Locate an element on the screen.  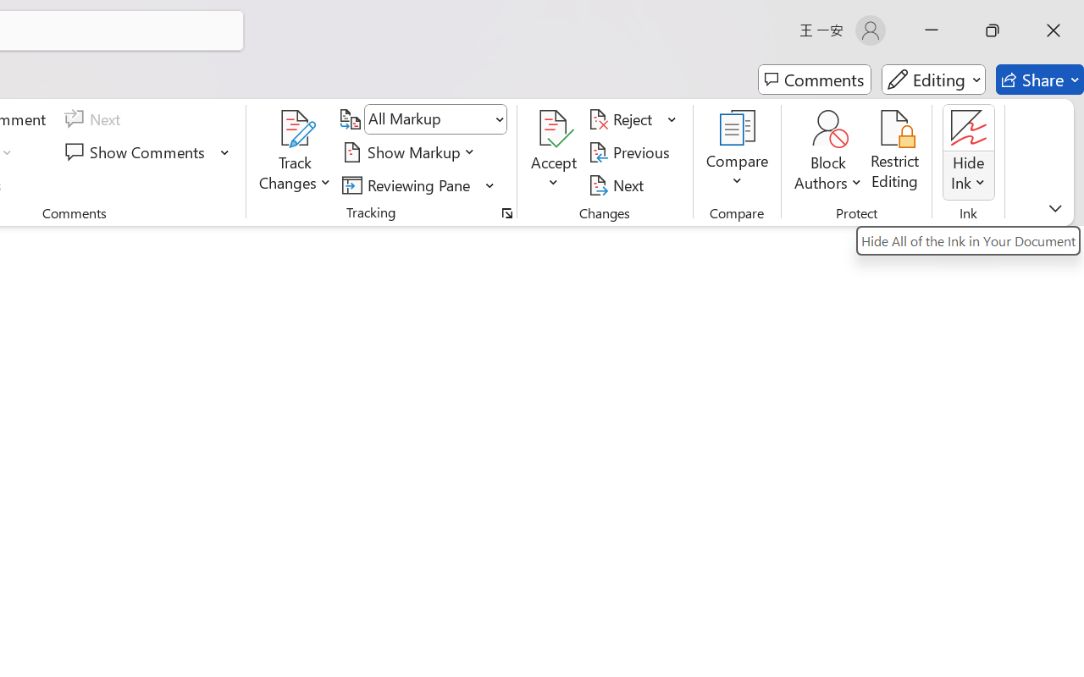
'Compare' is located at coordinates (738, 151).